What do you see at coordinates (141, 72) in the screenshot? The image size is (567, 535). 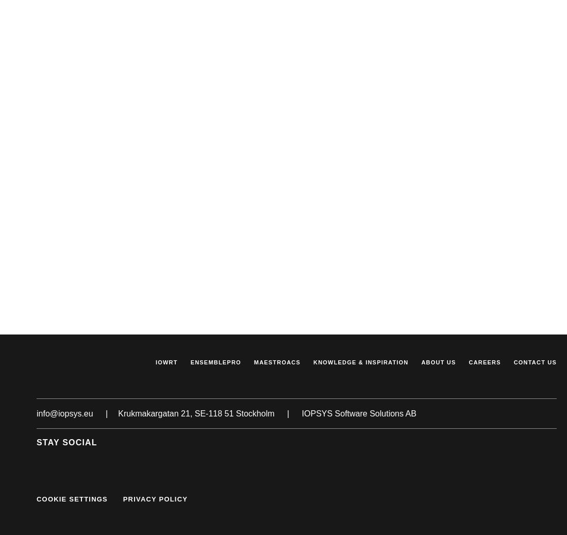 I see `'Changes to our privacy policy'` at bounding box center [141, 72].